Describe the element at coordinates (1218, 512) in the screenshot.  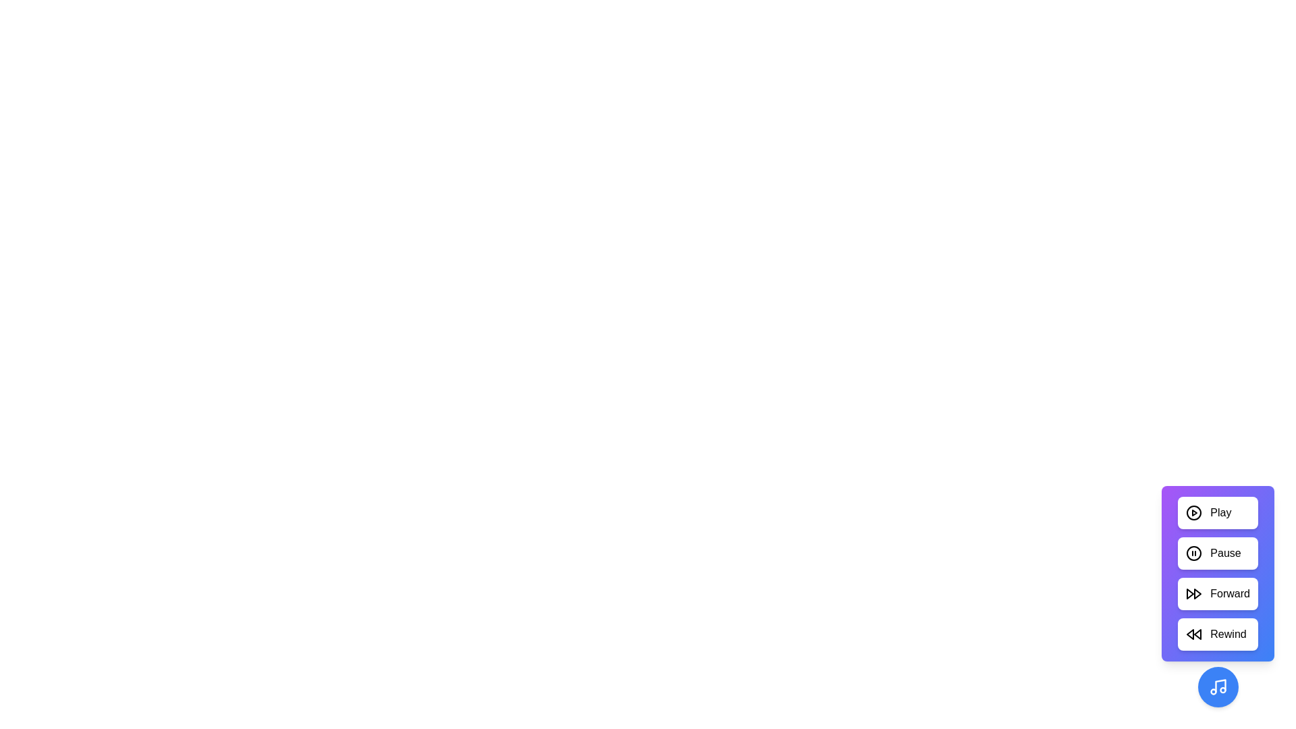
I see `the 'Play' button to activate the play action` at that location.